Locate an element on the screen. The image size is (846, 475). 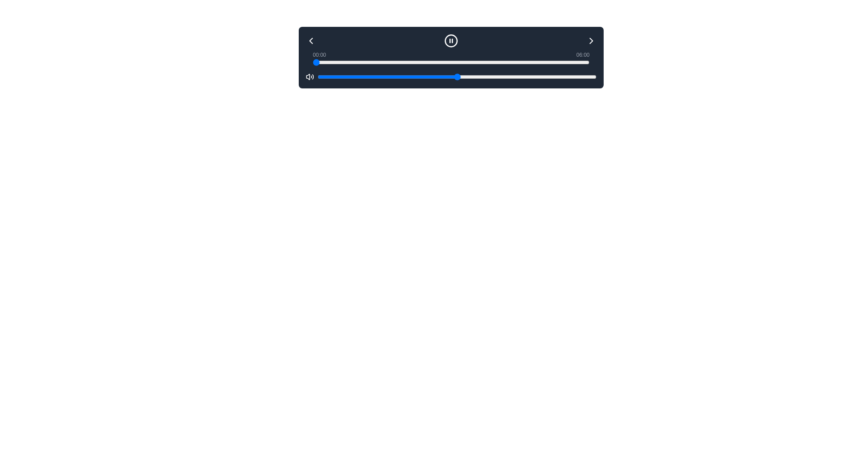
the playback time label in the media player, which displays the current time and is positioned to the far-left of the control panel above the progress bar is located at coordinates (319, 55).